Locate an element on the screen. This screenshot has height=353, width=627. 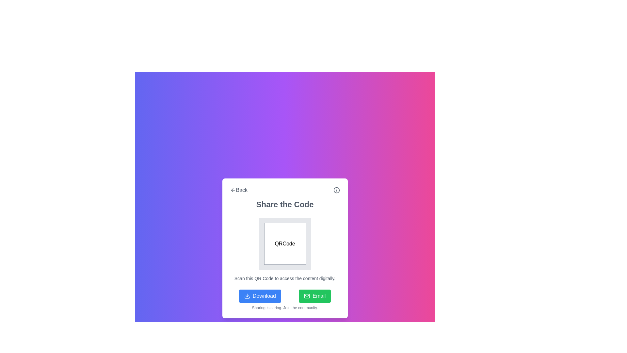
the email share button located in the bottom-right corner of the light-themed card interface is located at coordinates (315, 296).